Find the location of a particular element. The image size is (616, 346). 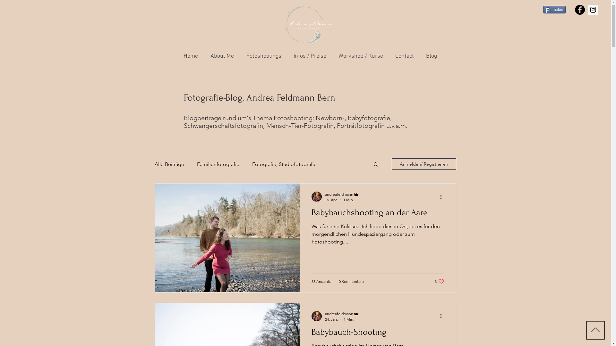

'Fotografie, Studiofotografie' is located at coordinates (252, 163).